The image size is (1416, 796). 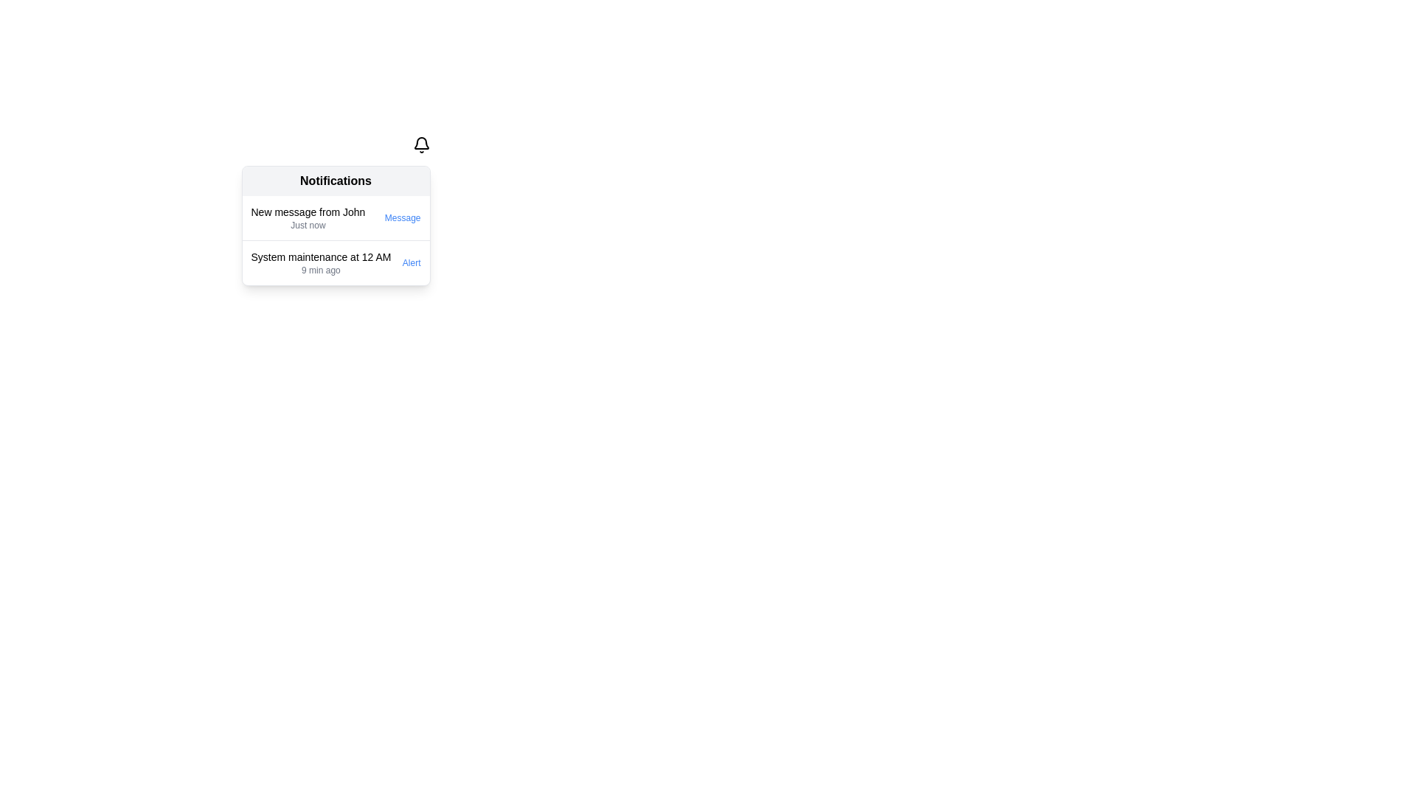 What do you see at coordinates (335, 240) in the screenshot?
I see `the second group of notifications in the 'Notifications' dropdown` at bounding box center [335, 240].